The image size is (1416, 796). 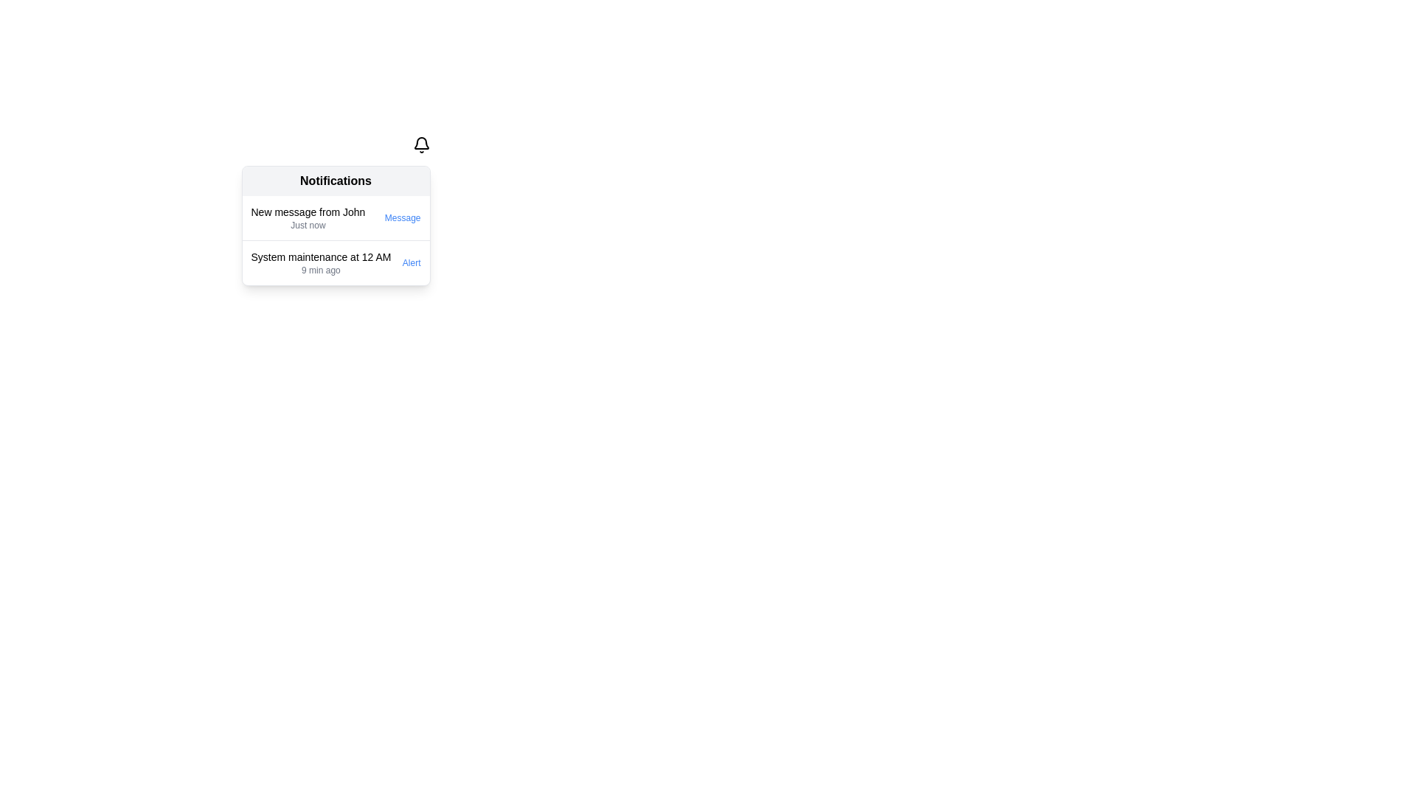 What do you see at coordinates (335, 240) in the screenshot?
I see `the second group of notifications in the 'Notifications' dropdown` at bounding box center [335, 240].